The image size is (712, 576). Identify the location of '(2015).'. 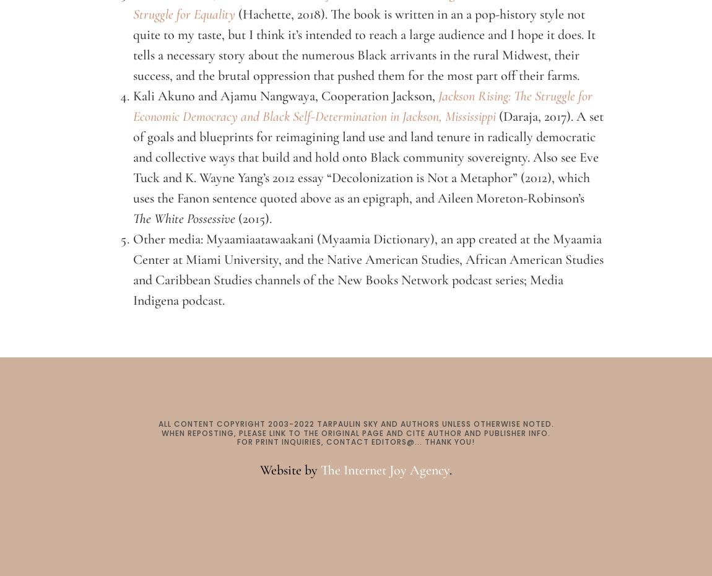
(235, 218).